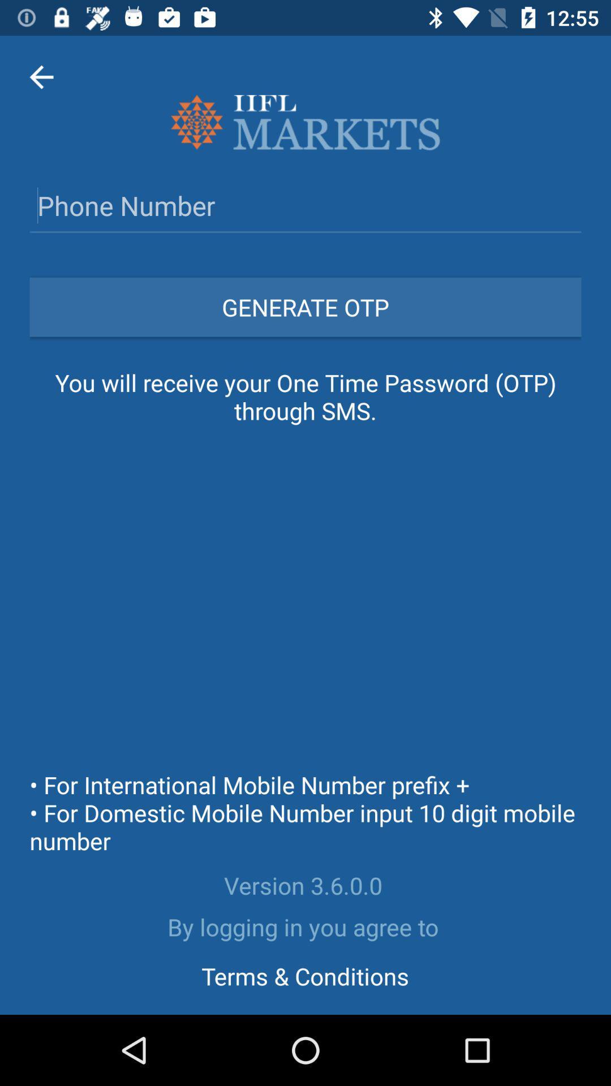 The height and width of the screenshot is (1086, 611). What do you see at coordinates (305, 926) in the screenshot?
I see `icon above terms & conditions item` at bounding box center [305, 926].